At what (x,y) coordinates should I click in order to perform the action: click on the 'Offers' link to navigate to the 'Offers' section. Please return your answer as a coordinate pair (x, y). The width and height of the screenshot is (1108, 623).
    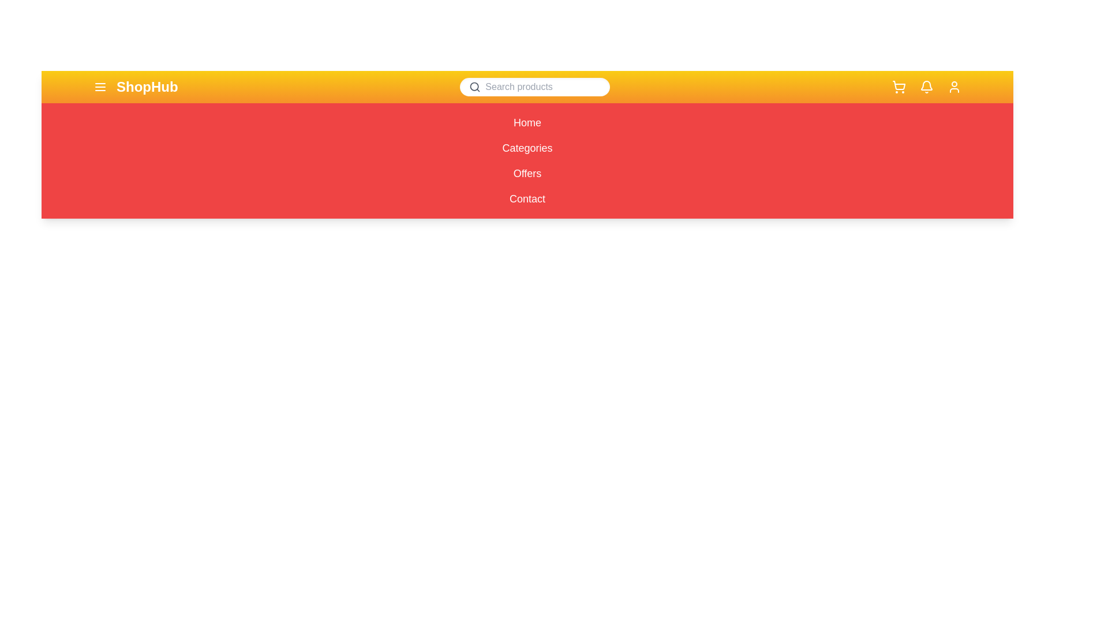
    Looking at the image, I should click on (526, 173).